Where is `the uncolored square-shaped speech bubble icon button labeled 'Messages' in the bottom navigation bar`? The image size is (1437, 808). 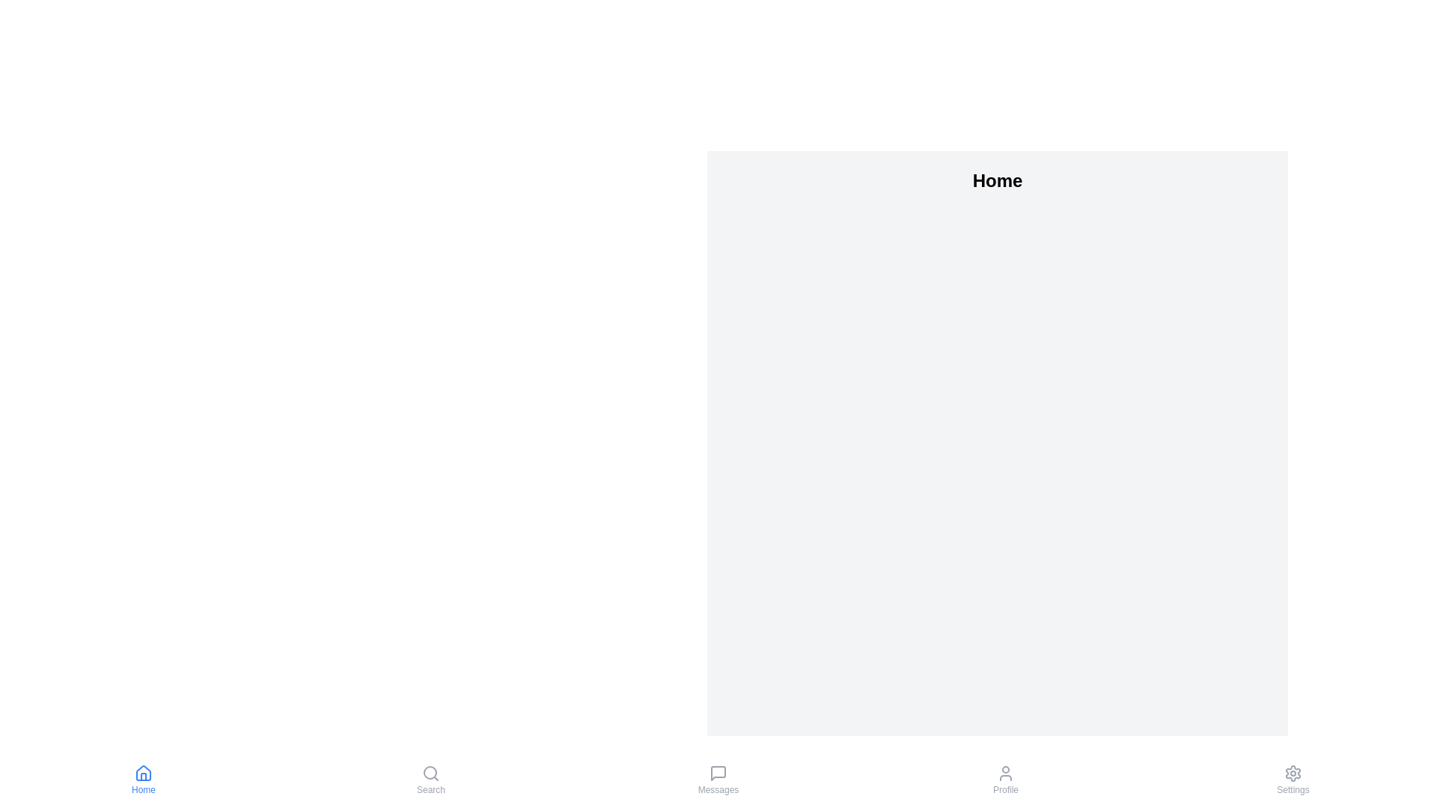 the uncolored square-shaped speech bubble icon button labeled 'Messages' in the bottom navigation bar is located at coordinates (718, 773).